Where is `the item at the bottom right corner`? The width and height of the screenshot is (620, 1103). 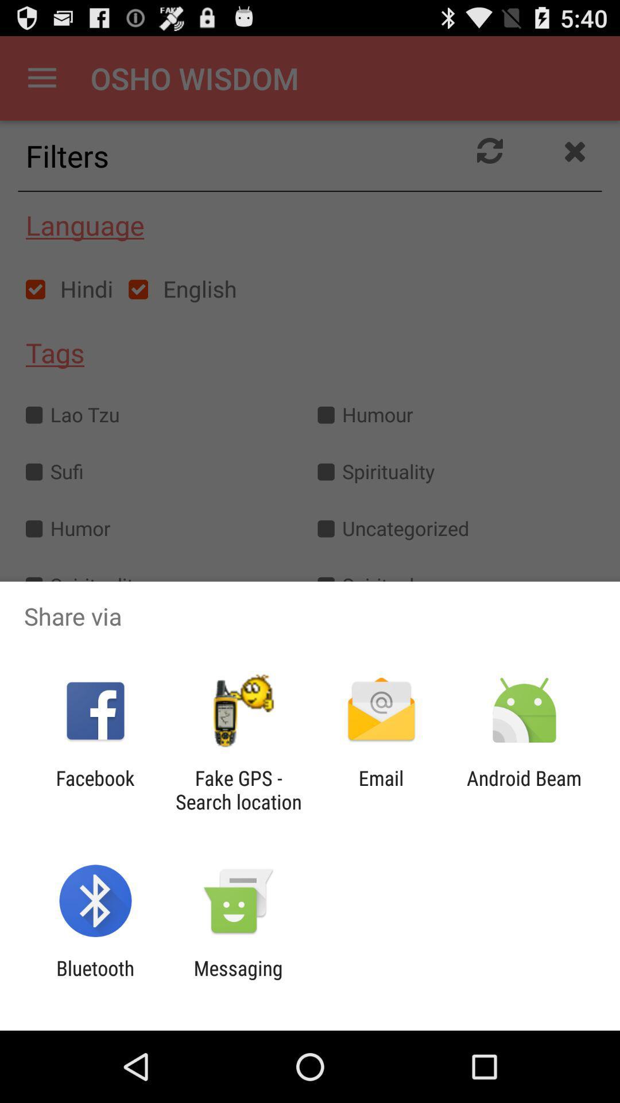 the item at the bottom right corner is located at coordinates (524, 789).